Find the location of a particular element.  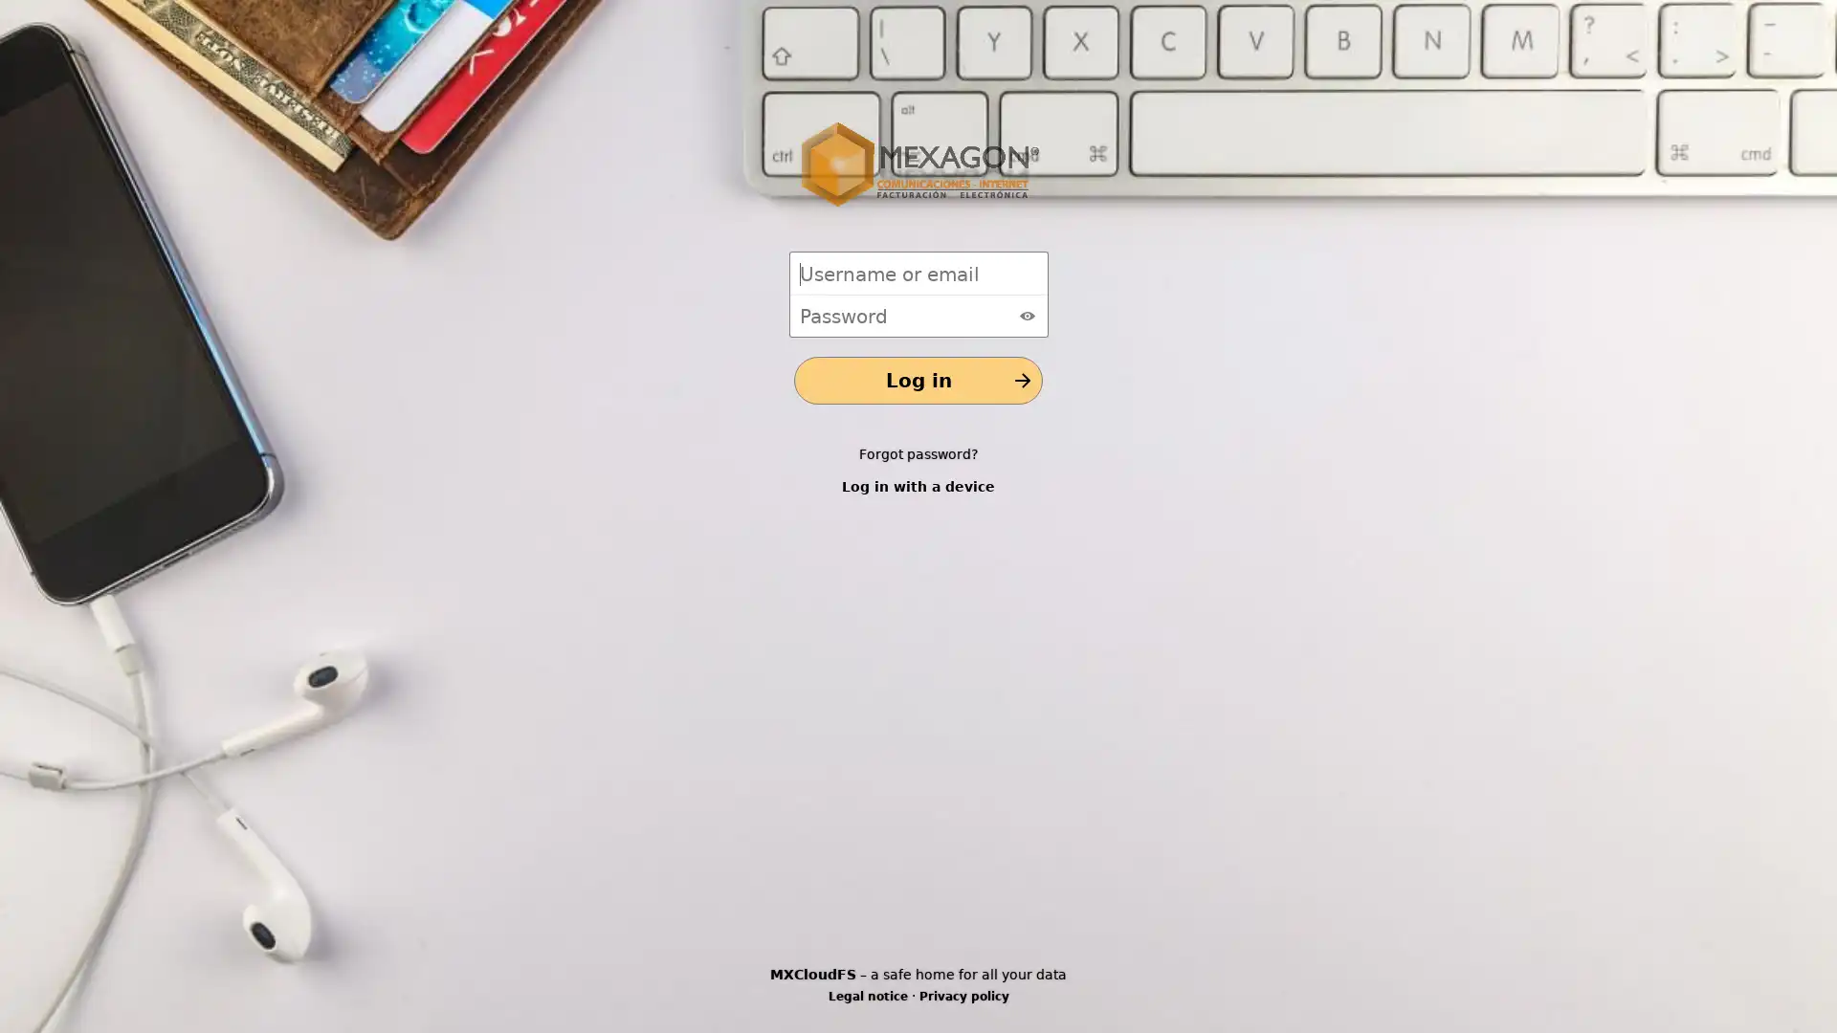

Log in is located at coordinates (918, 380).